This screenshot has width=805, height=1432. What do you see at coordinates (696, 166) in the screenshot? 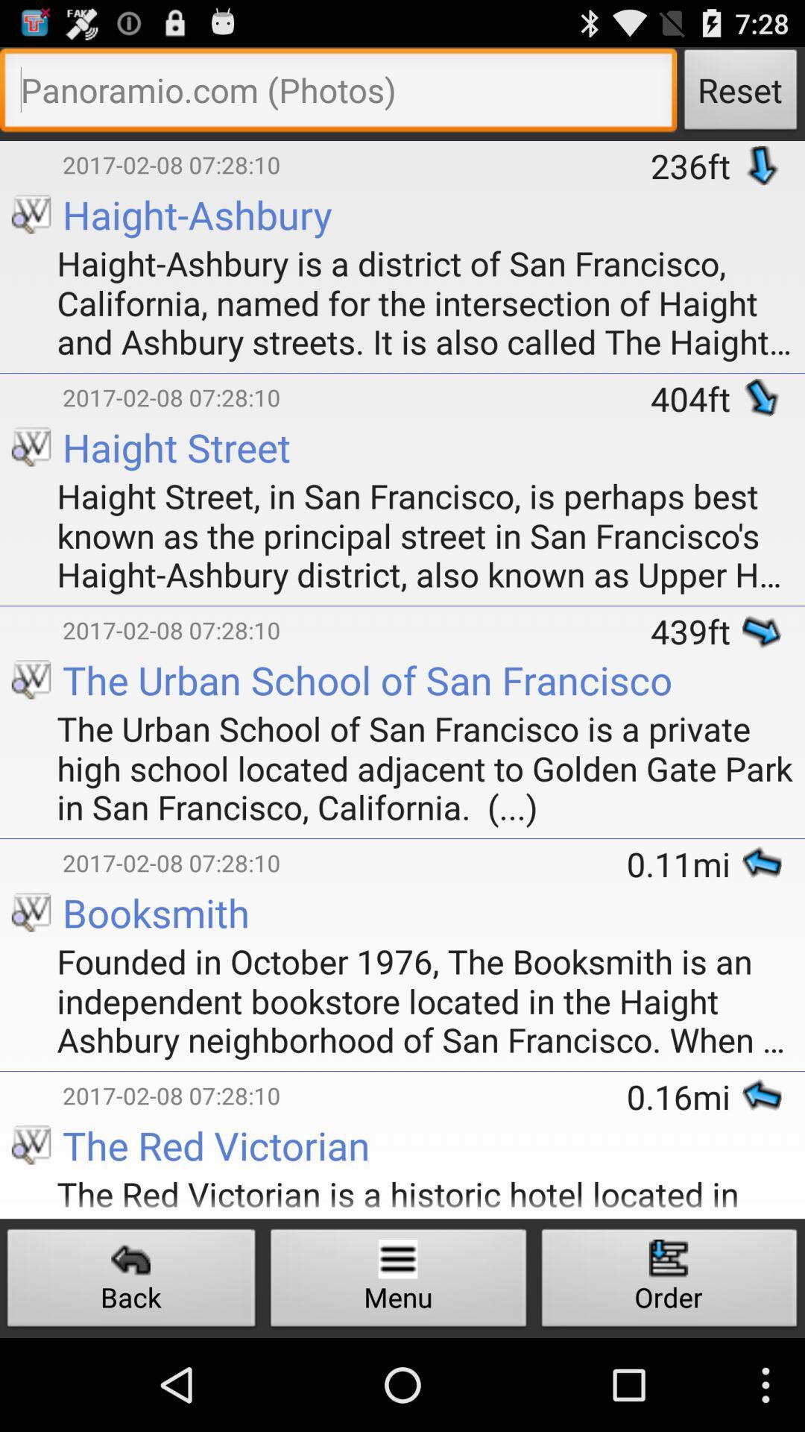
I see `the icon above the haight ashbury is` at bounding box center [696, 166].